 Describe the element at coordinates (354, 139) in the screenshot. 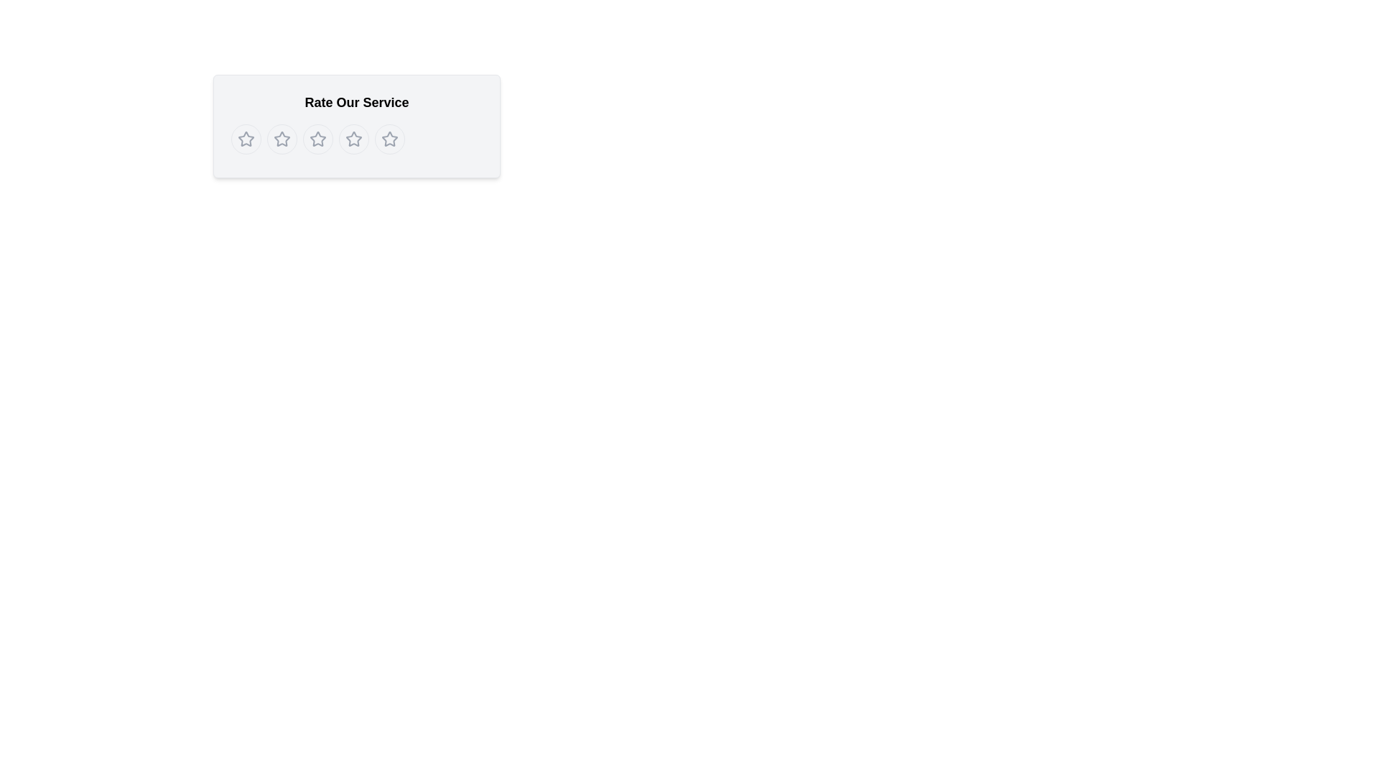

I see `the fourth star icon in the five-star rating system under the heading 'Rate Our Service.'` at that location.